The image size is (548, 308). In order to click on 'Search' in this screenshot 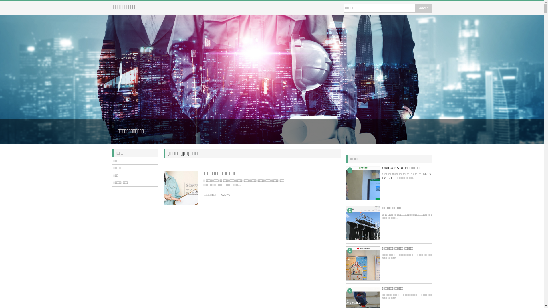, I will do `click(423, 8)`.